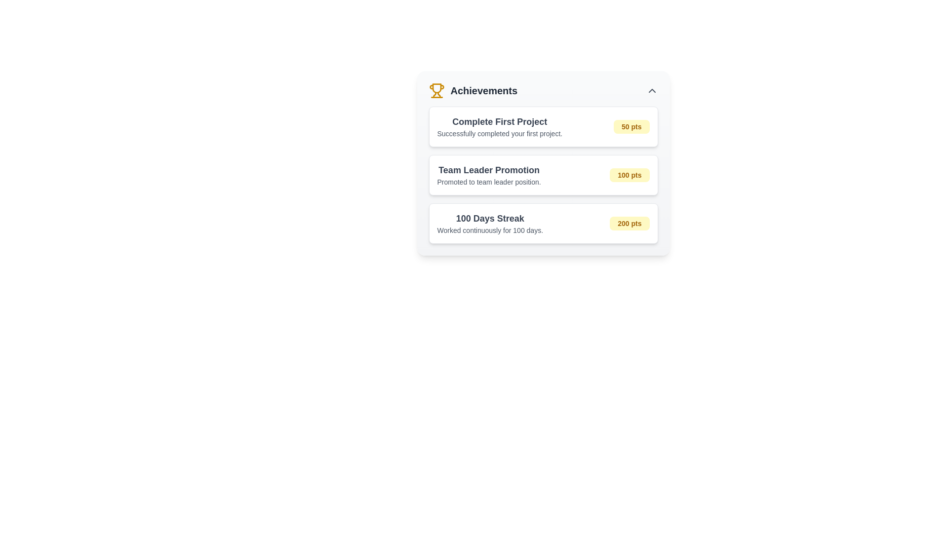  I want to click on the Text Display element that indicates the achievement of being promoted to team leader, located between 'Complete First Project' and '100 Days Streak', and to the left of the yellow badge displaying '100 pts', so click(489, 174).